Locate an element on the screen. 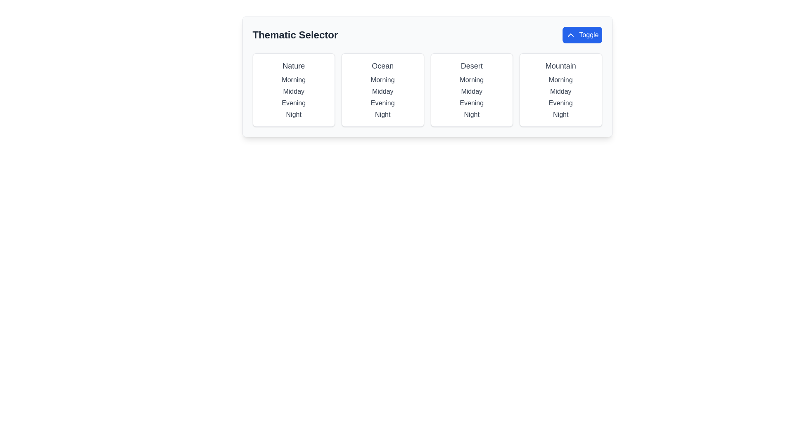 This screenshot has width=793, height=446. the 'Toggle' button with a blue background and white text is located at coordinates (582, 34).